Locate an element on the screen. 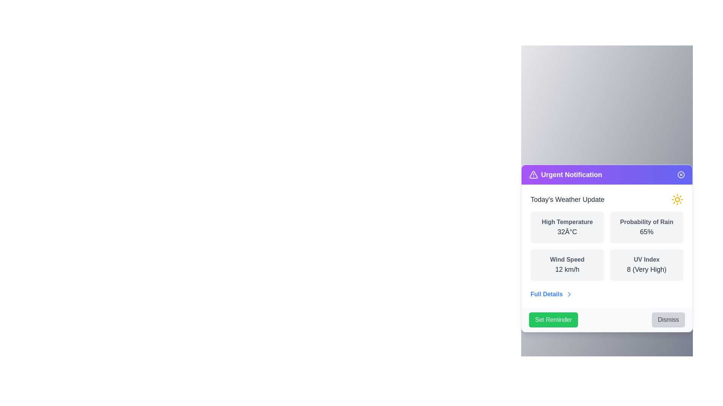 This screenshot has width=723, height=406. the small right-pointing chevron icon located to the right of the bold text 'Full Details' for additional information is located at coordinates (569, 294).